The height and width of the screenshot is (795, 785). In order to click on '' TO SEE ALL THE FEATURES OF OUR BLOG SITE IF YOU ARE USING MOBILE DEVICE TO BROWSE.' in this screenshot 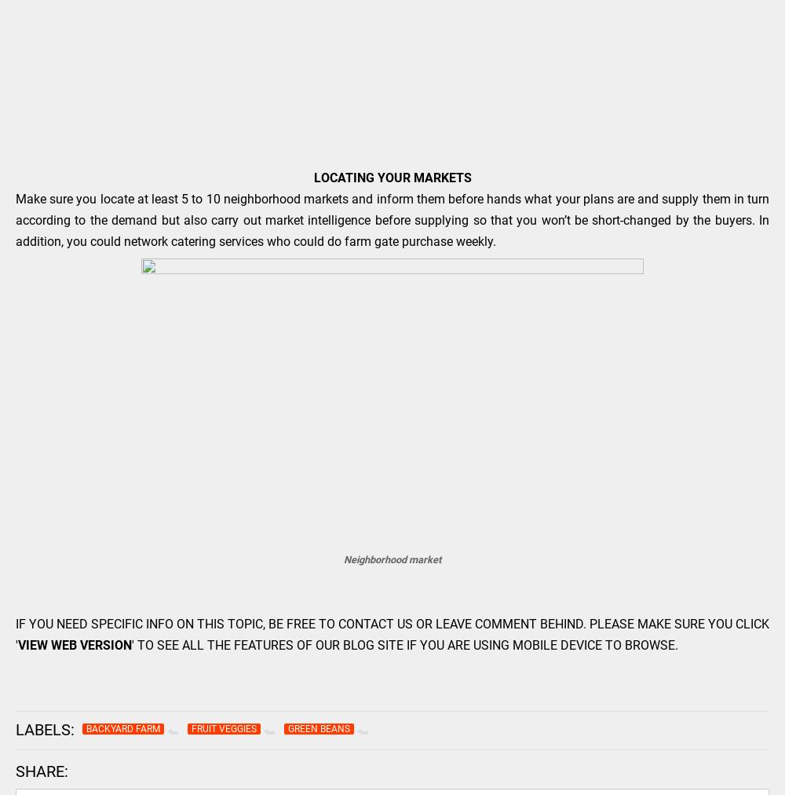, I will do `click(407, 644)`.